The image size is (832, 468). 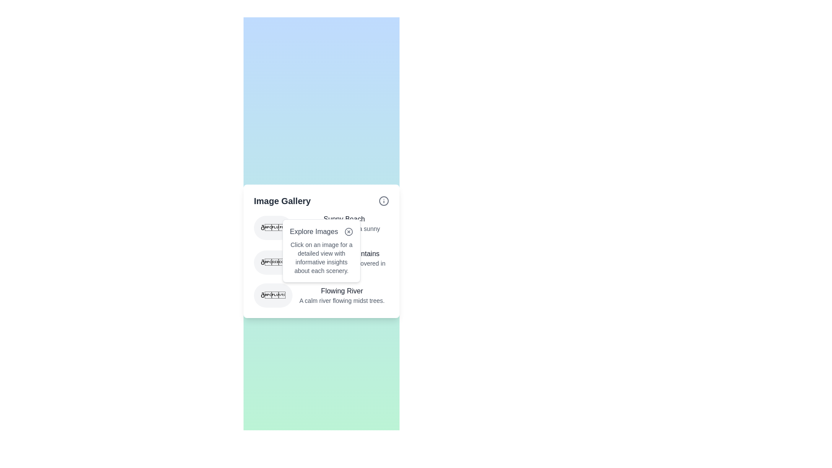 What do you see at coordinates (349, 231) in the screenshot?
I see `the circular graphic element located at the top right corner of the popup, adjacent to the 'Explore Images' label, which serves as a close action for the dialog interface` at bounding box center [349, 231].